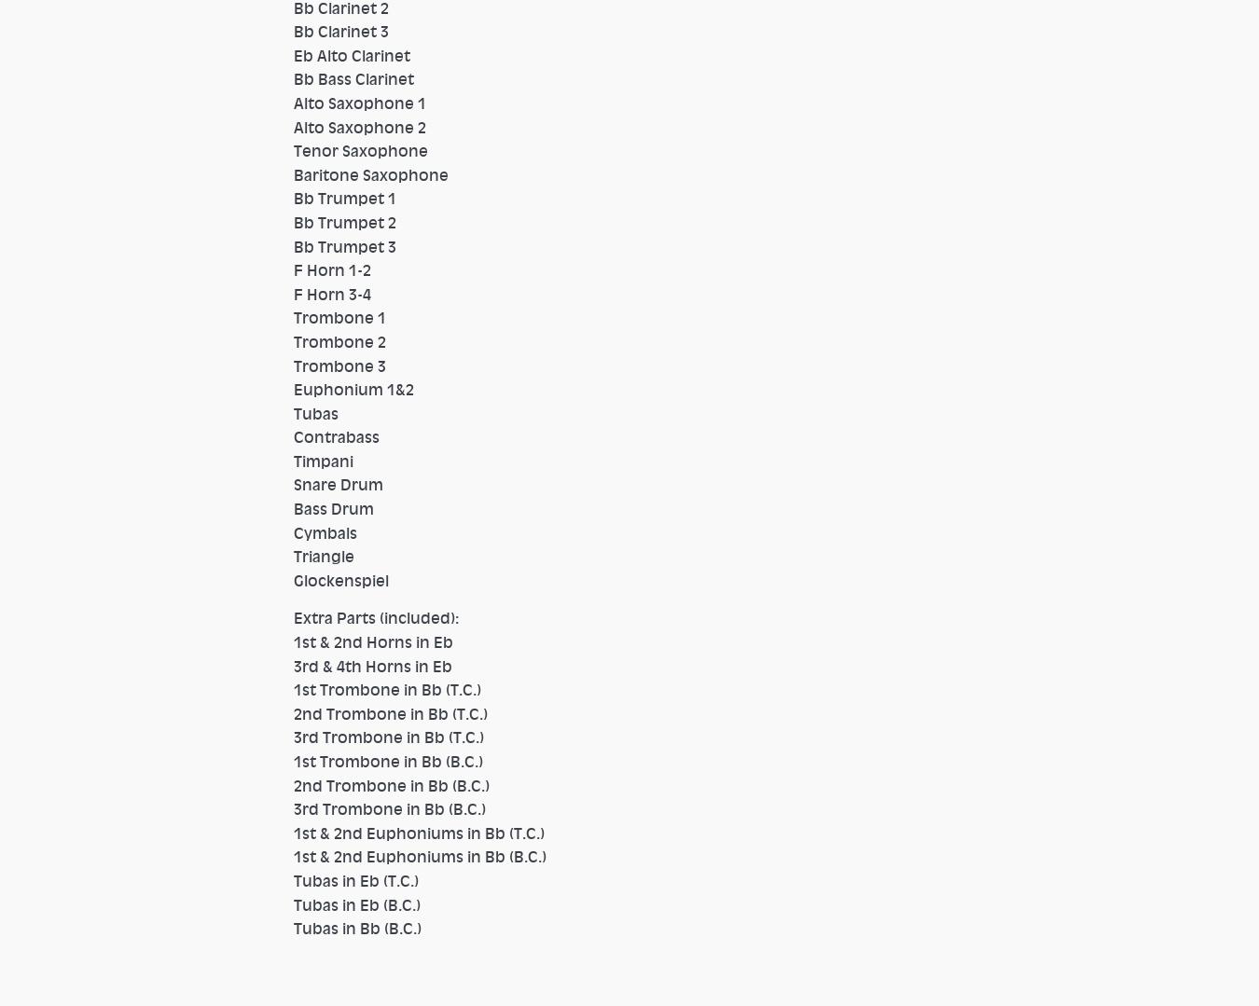  What do you see at coordinates (339, 340) in the screenshot?
I see `'Trombone 2'` at bounding box center [339, 340].